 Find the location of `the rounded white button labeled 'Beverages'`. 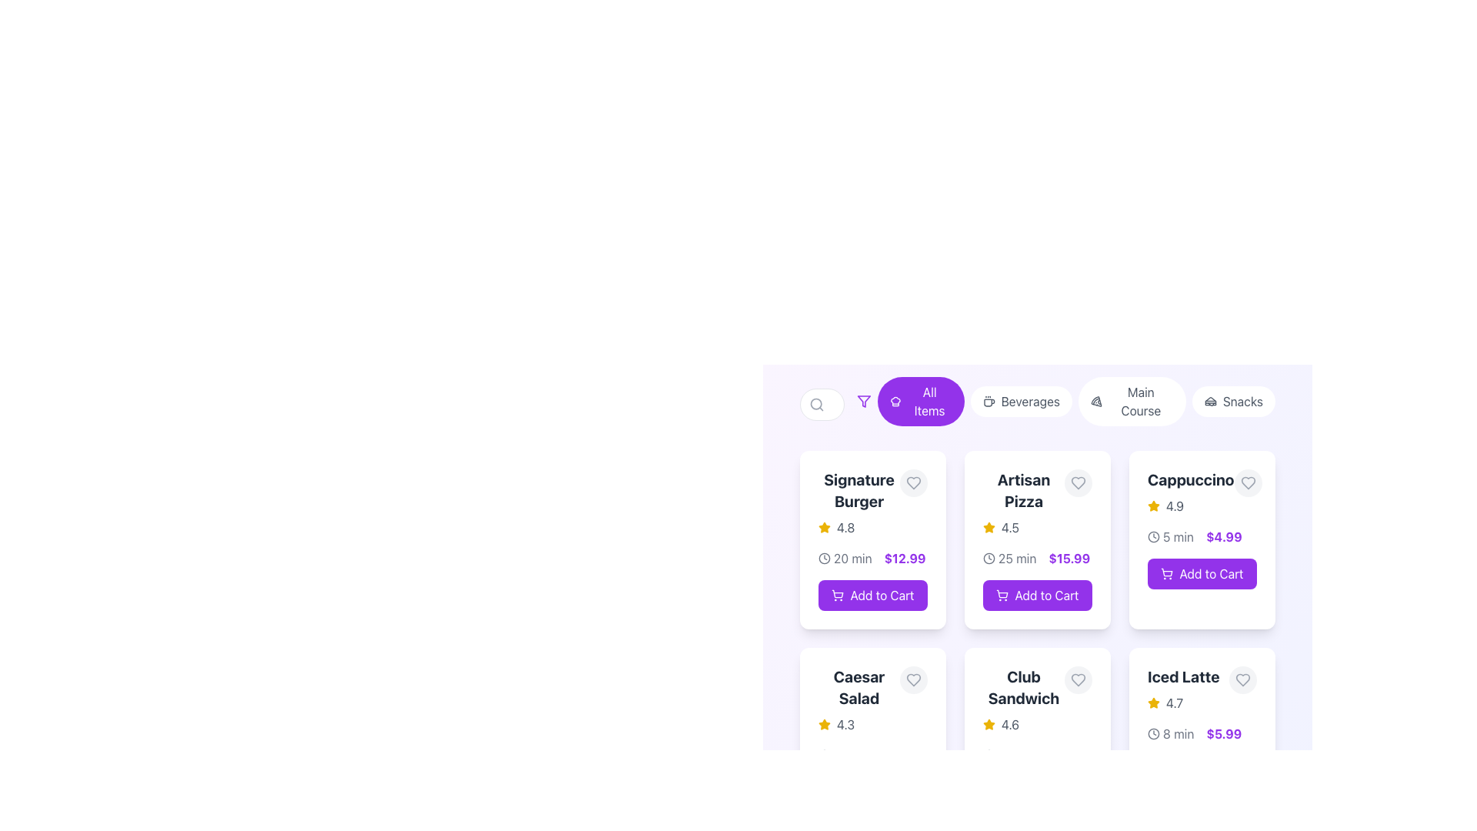

the rounded white button labeled 'Beverages' is located at coordinates (1037, 403).